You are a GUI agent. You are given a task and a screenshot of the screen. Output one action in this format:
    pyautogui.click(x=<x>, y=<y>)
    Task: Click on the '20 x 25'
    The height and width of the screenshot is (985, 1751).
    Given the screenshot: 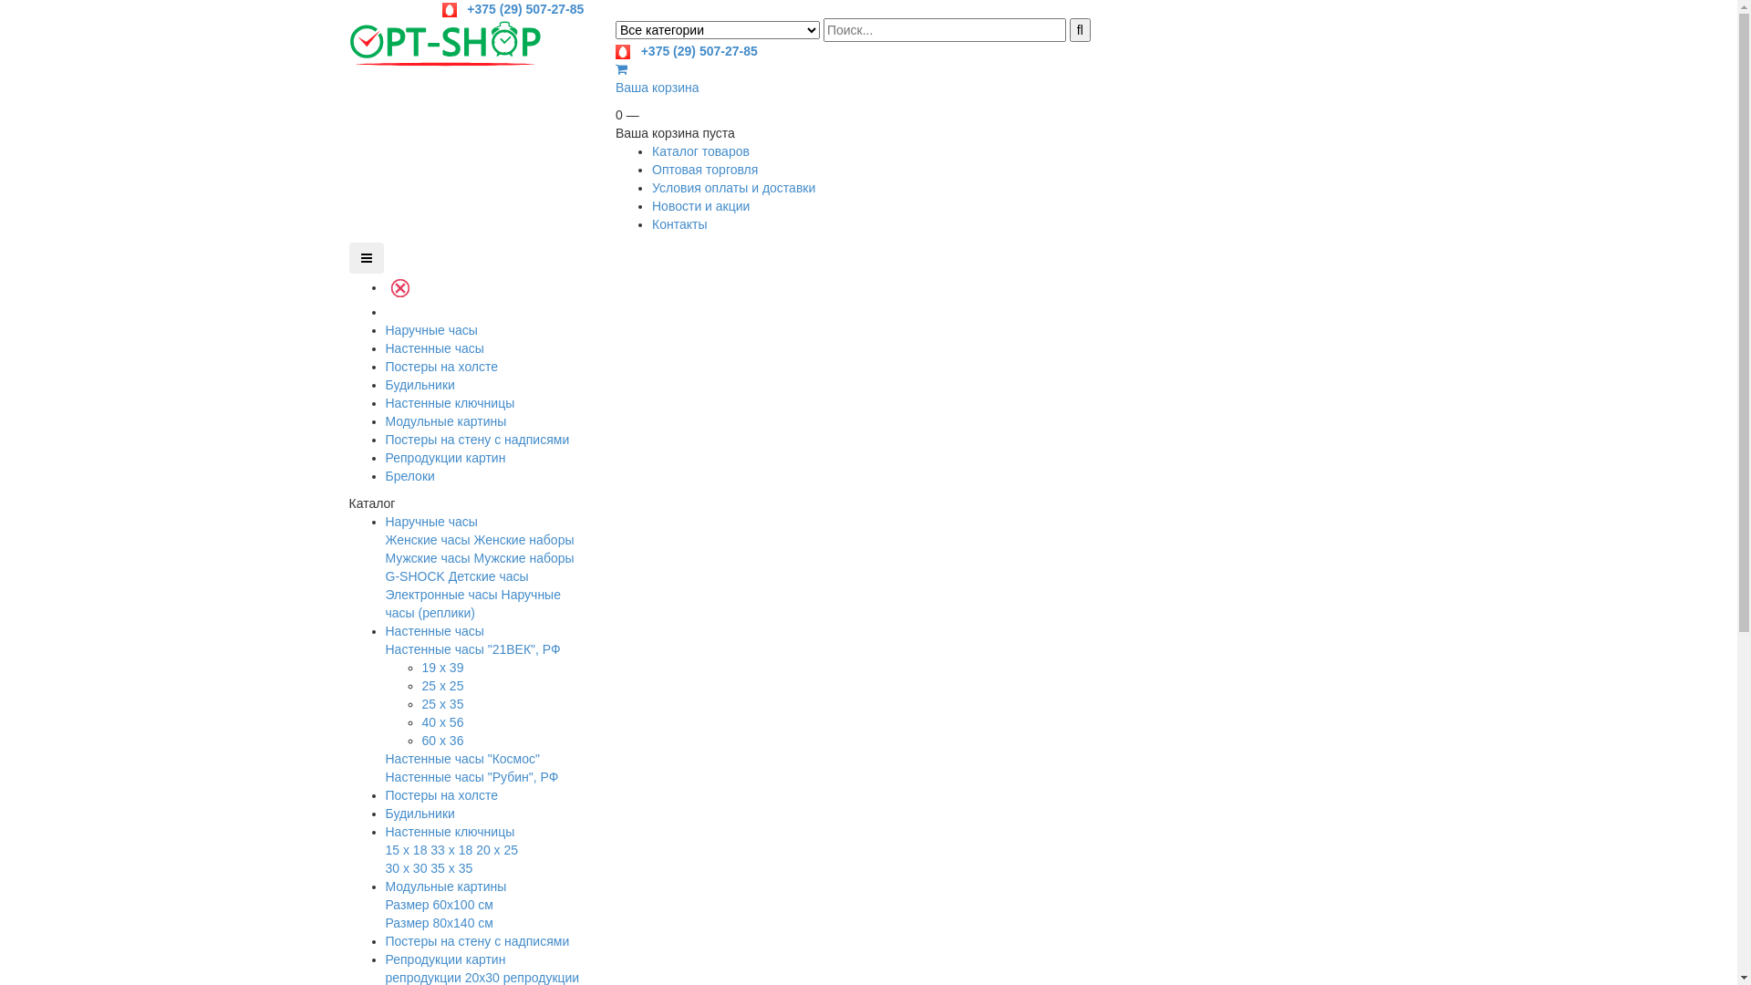 What is the action you would take?
    pyautogui.click(x=497, y=850)
    